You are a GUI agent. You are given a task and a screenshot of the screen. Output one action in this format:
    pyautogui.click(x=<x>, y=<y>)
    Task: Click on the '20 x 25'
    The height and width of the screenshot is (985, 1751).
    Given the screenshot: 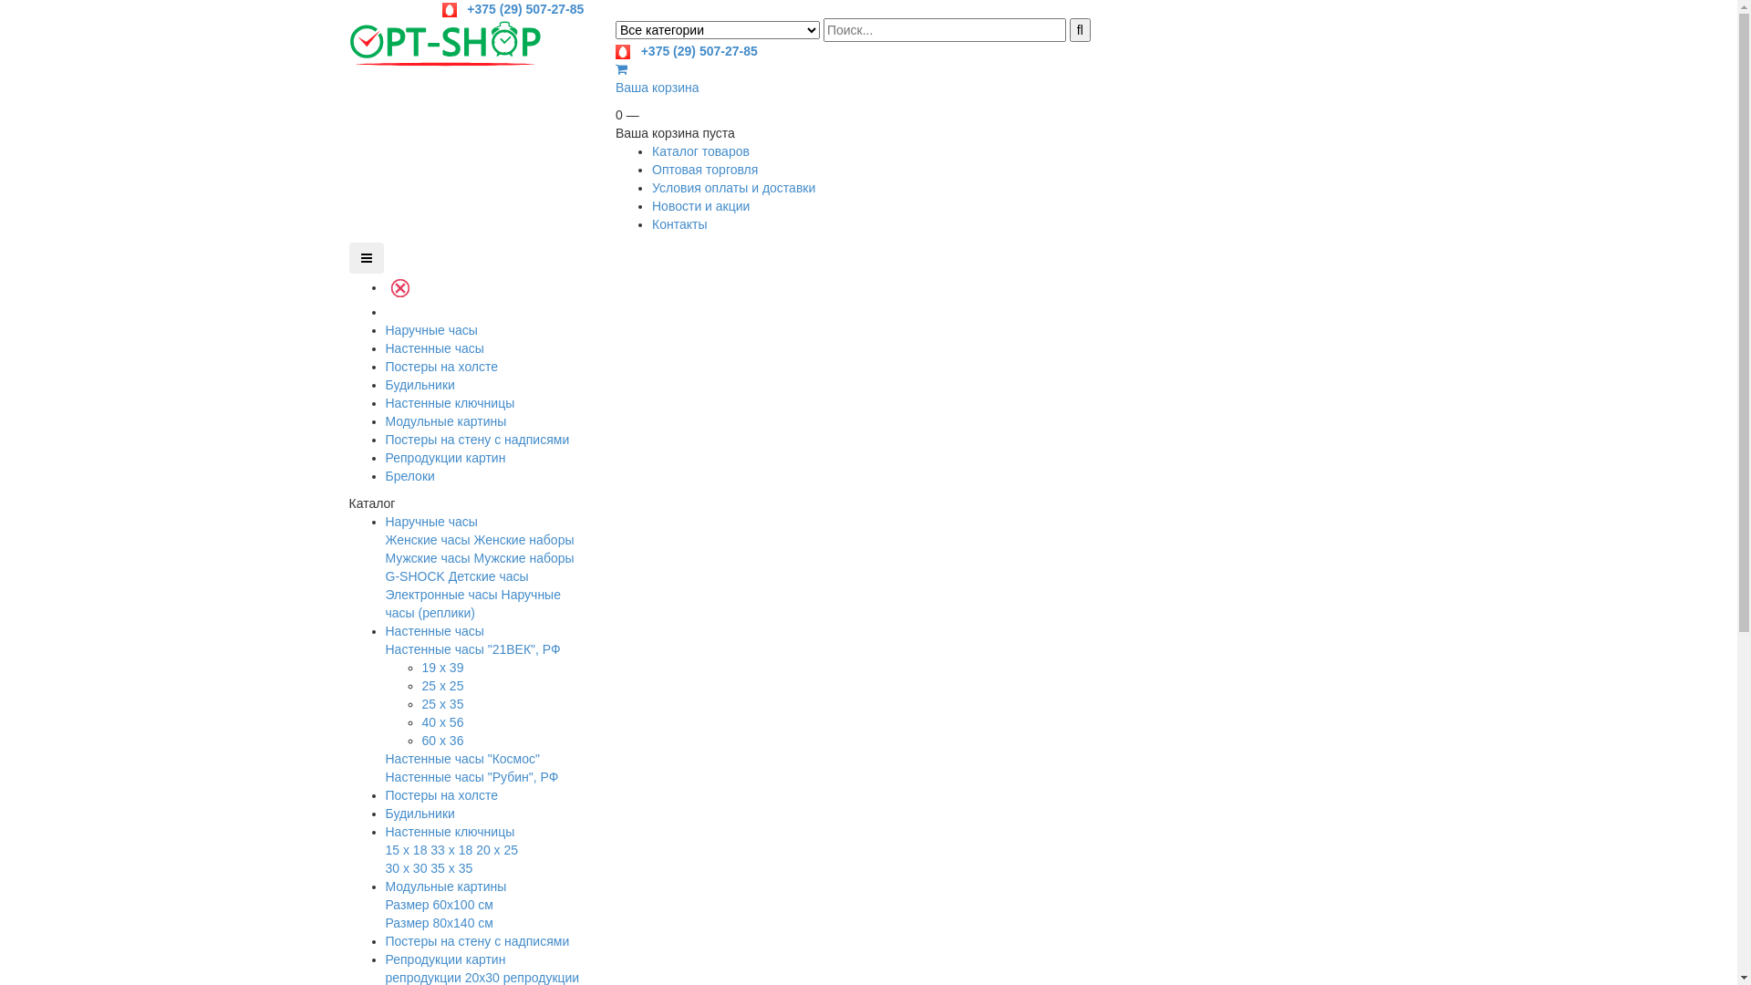 What is the action you would take?
    pyautogui.click(x=497, y=850)
    